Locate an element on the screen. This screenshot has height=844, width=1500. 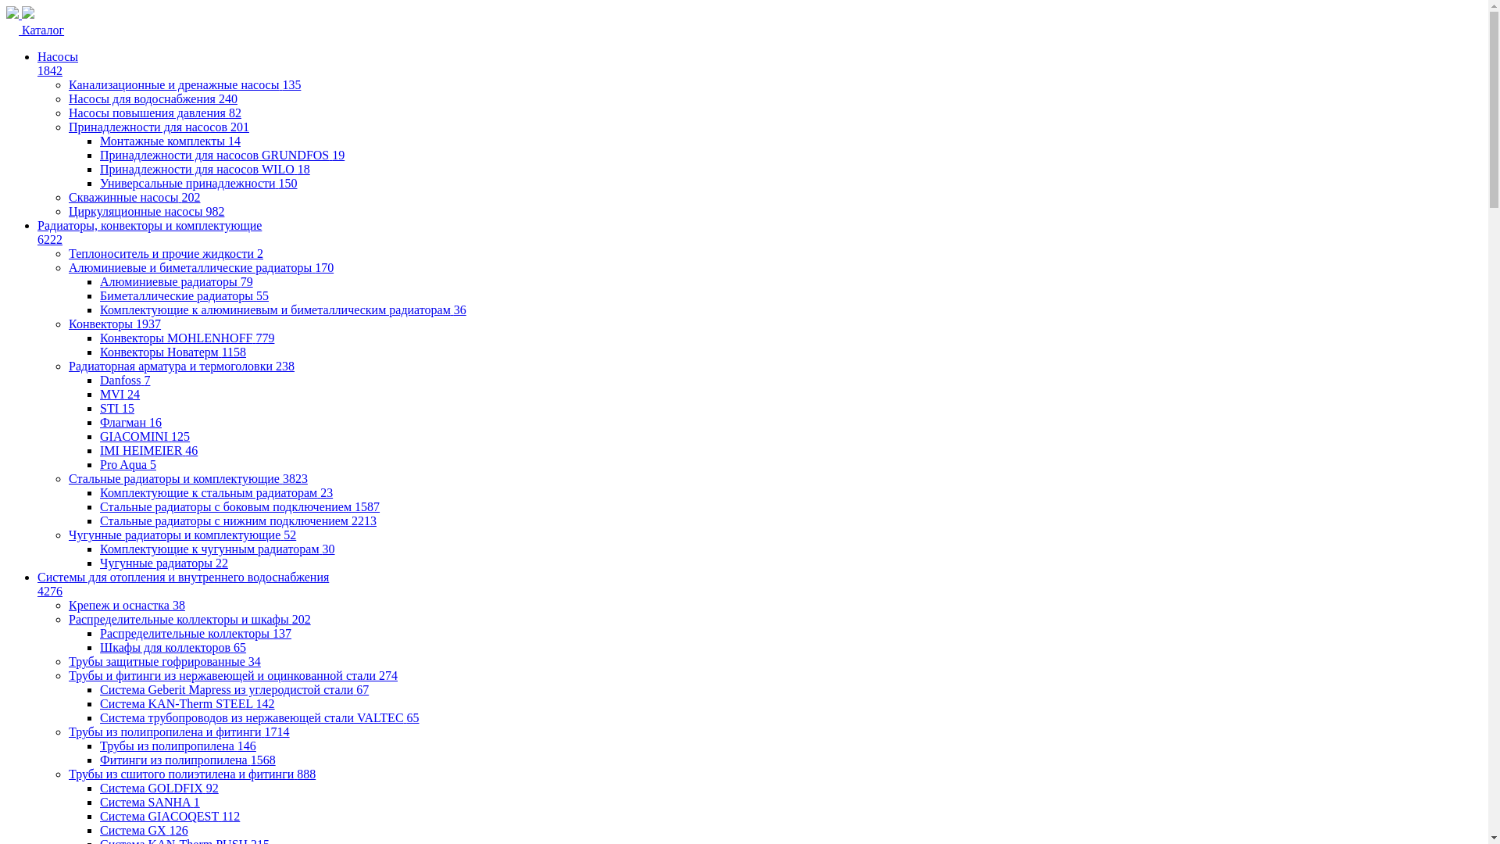
'MVI 24' is located at coordinates (119, 393).